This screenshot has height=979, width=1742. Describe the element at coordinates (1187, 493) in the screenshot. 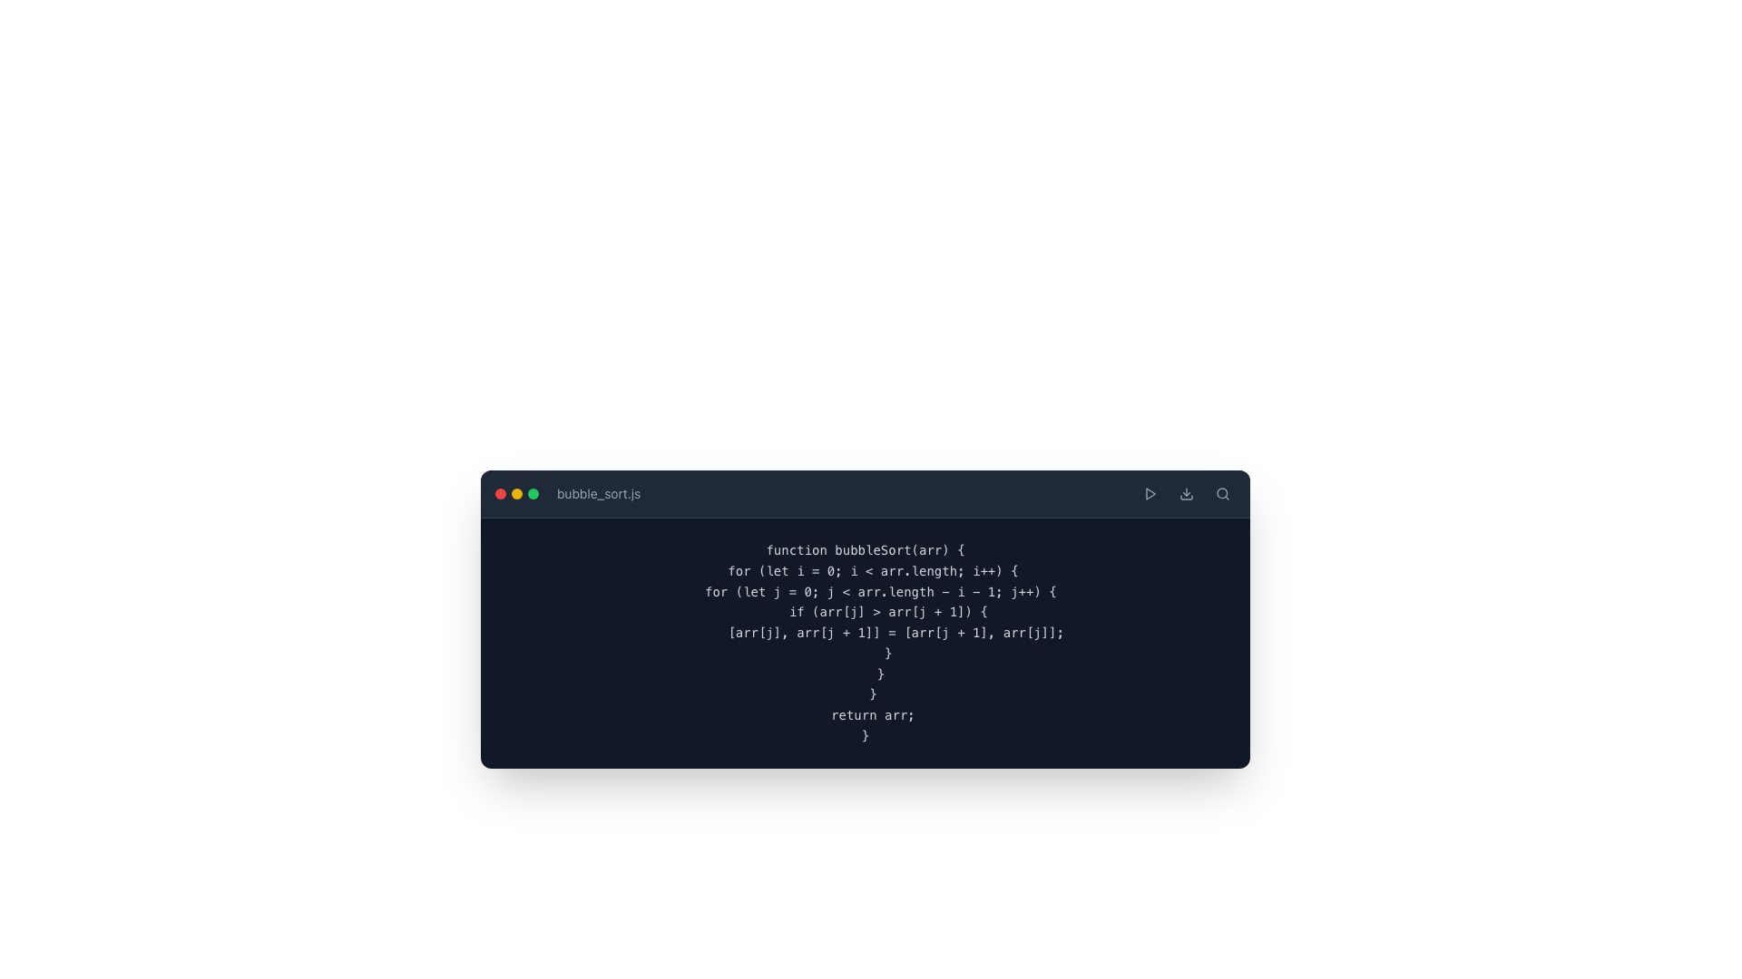

I see `the download button with an embedded icon, which is styled with rounded corners and located in the control bar at the top of the code viewer interface, to change its background color` at that location.